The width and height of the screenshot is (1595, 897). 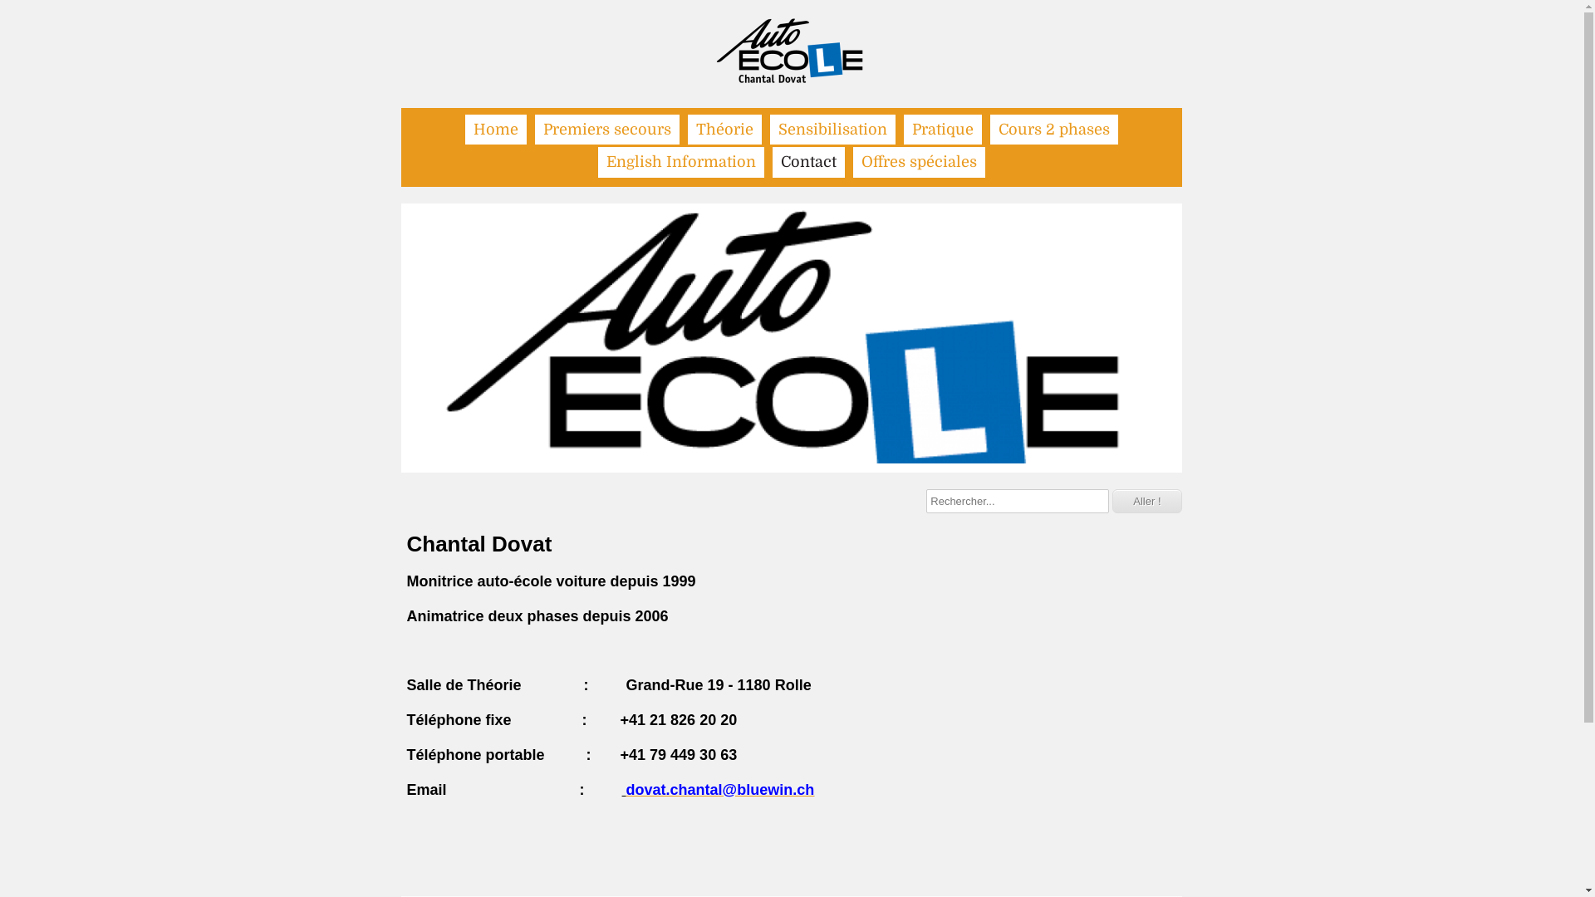 What do you see at coordinates (534, 128) in the screenshot?
I see `'Premiers secours'` at bounding box center [534, 128].